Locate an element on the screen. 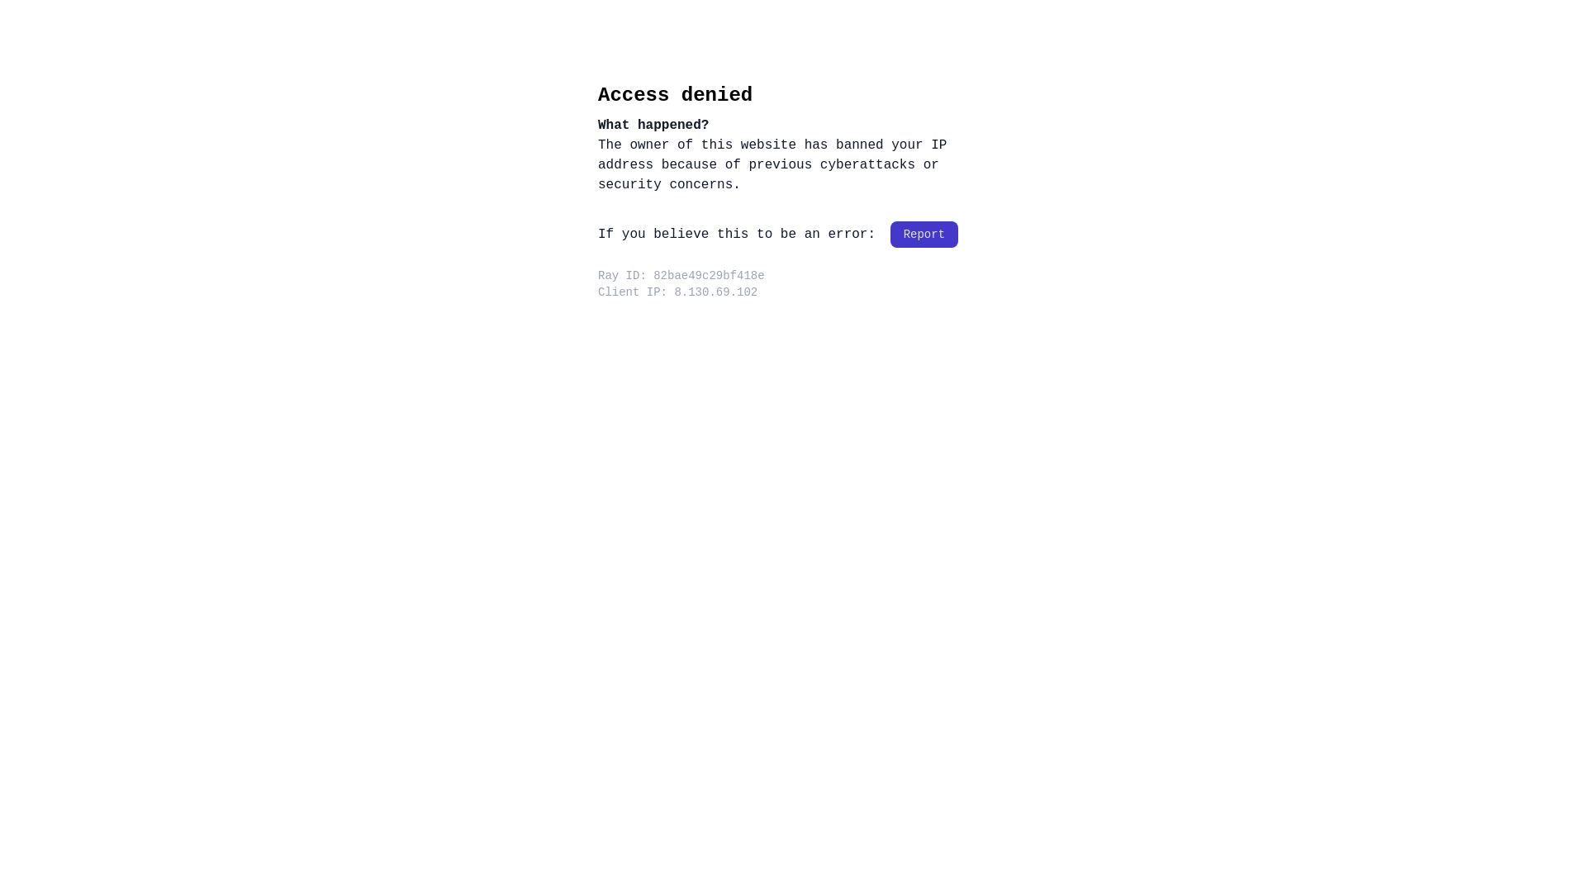  'Report' is located at coordinates (923, 235).